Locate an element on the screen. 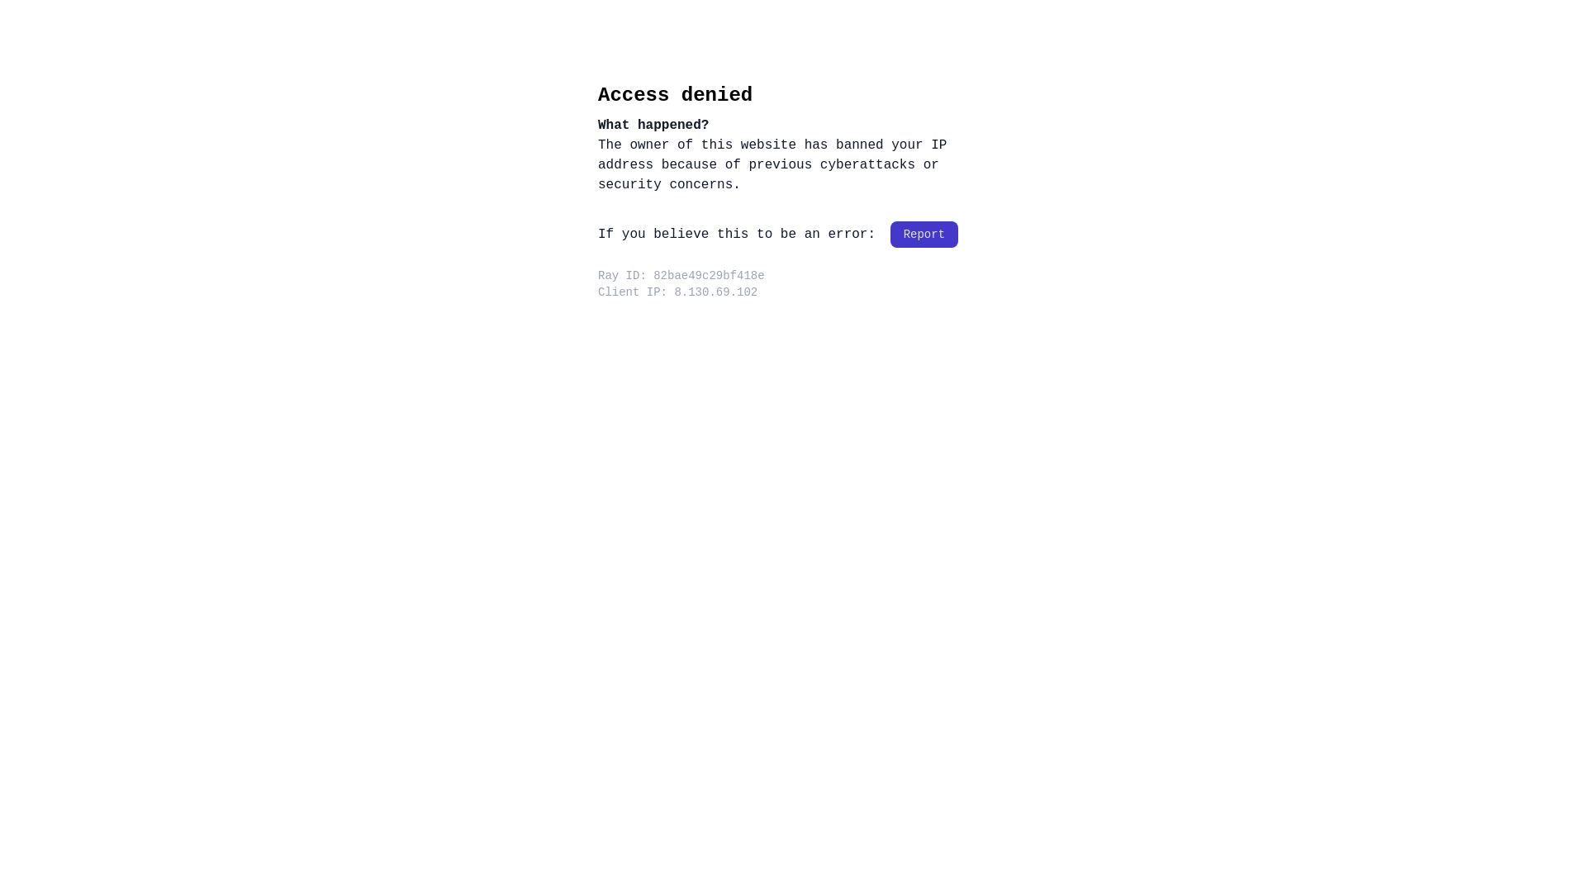  'Report' is located at coordinates (923, 235).